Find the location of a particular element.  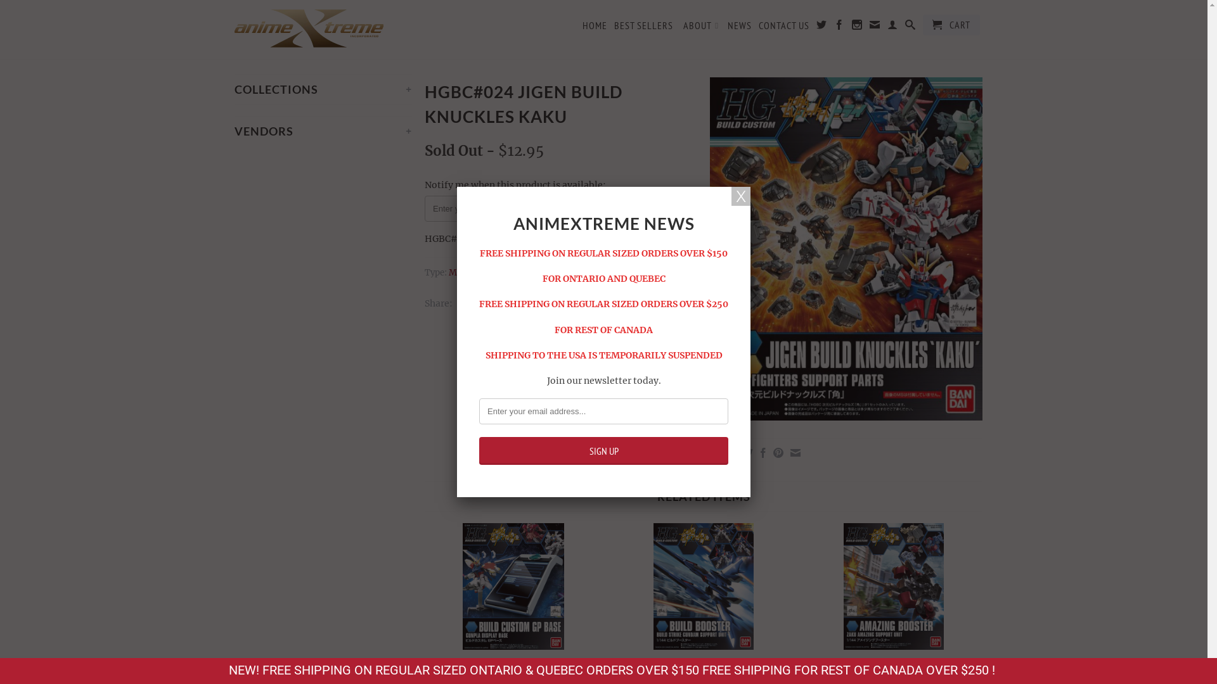

'Close' is located at coordinates (731, 196).